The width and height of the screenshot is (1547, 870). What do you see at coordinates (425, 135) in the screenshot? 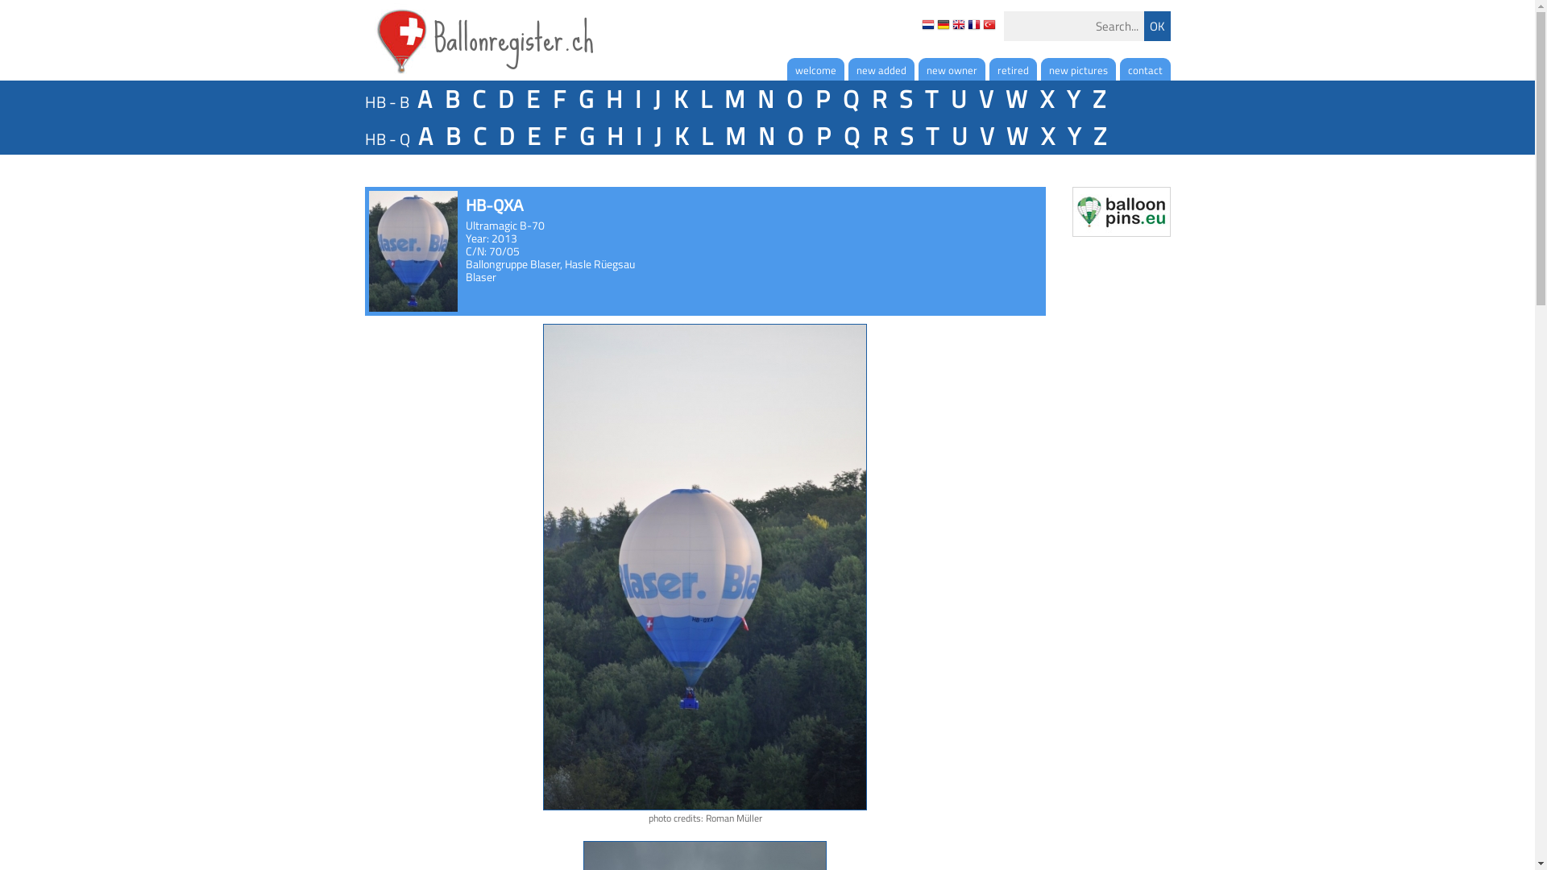
I see `'A'` at bounding box center [425, 135].